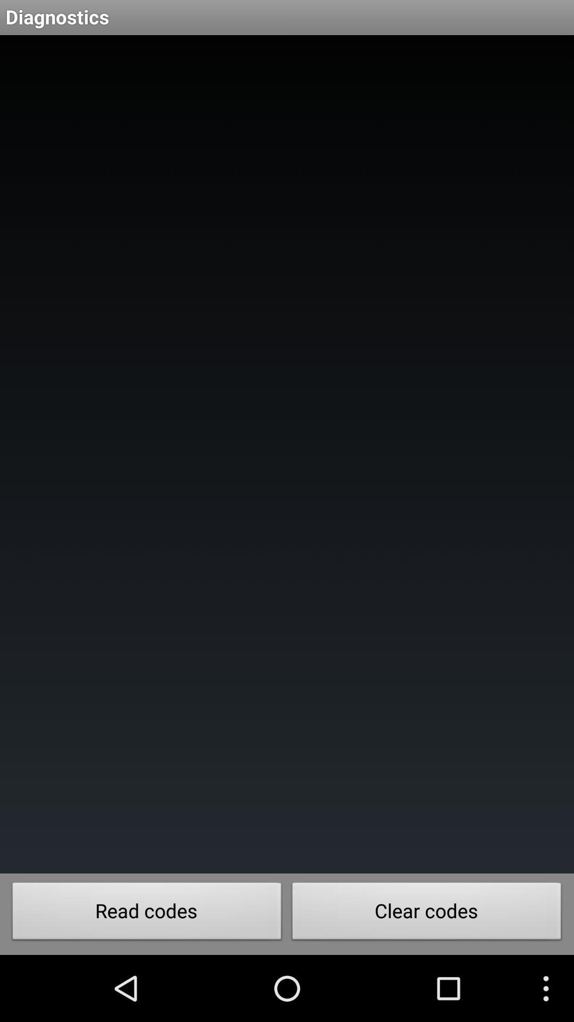 The height and width of the screenshot is (1022, 574). Describe the element at coordinates (147, 913) in the screenshot. I see `button at the bottom left corner` at that location.